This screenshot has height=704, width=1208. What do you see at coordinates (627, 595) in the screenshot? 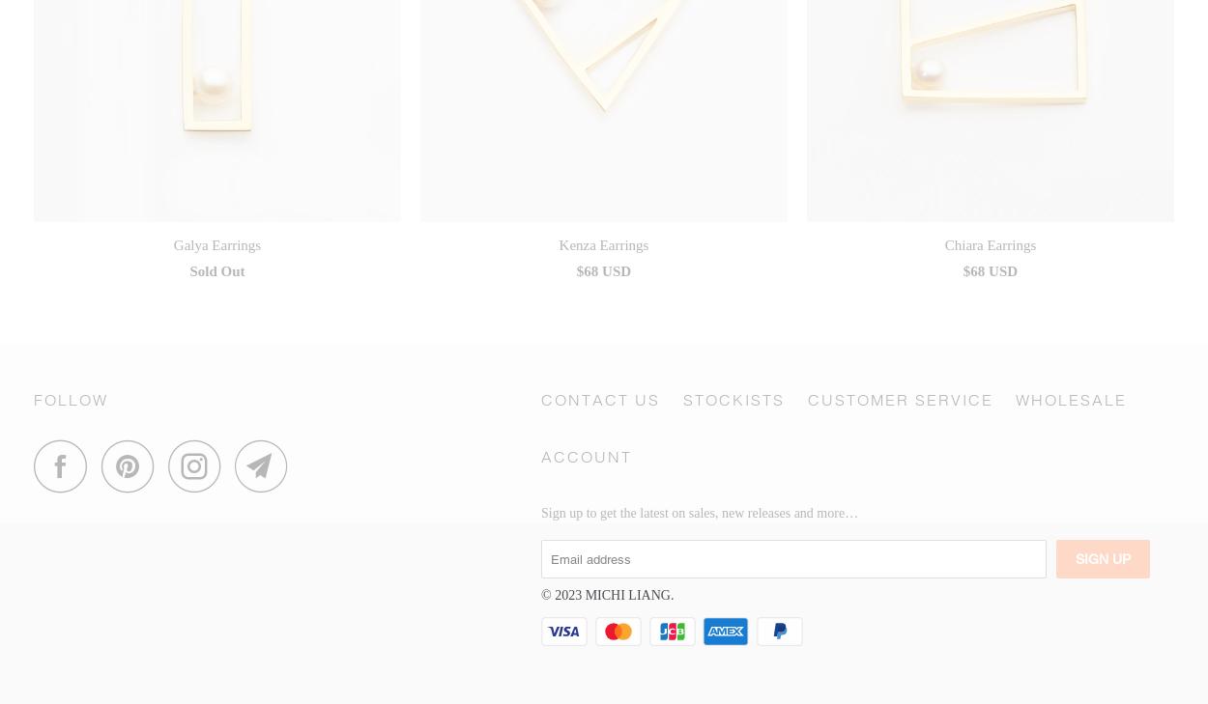
I see `'MICHI LIANG'` at bounding box center [627, 595].